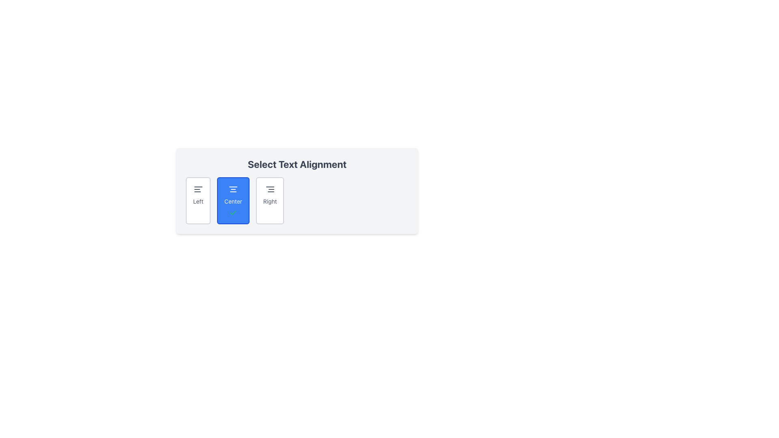  I want to click on the center alignment icon located in the middle of the three alignment selection buttons, which is positioned below the 'Select Text Alignment' title, so click(233, 189).